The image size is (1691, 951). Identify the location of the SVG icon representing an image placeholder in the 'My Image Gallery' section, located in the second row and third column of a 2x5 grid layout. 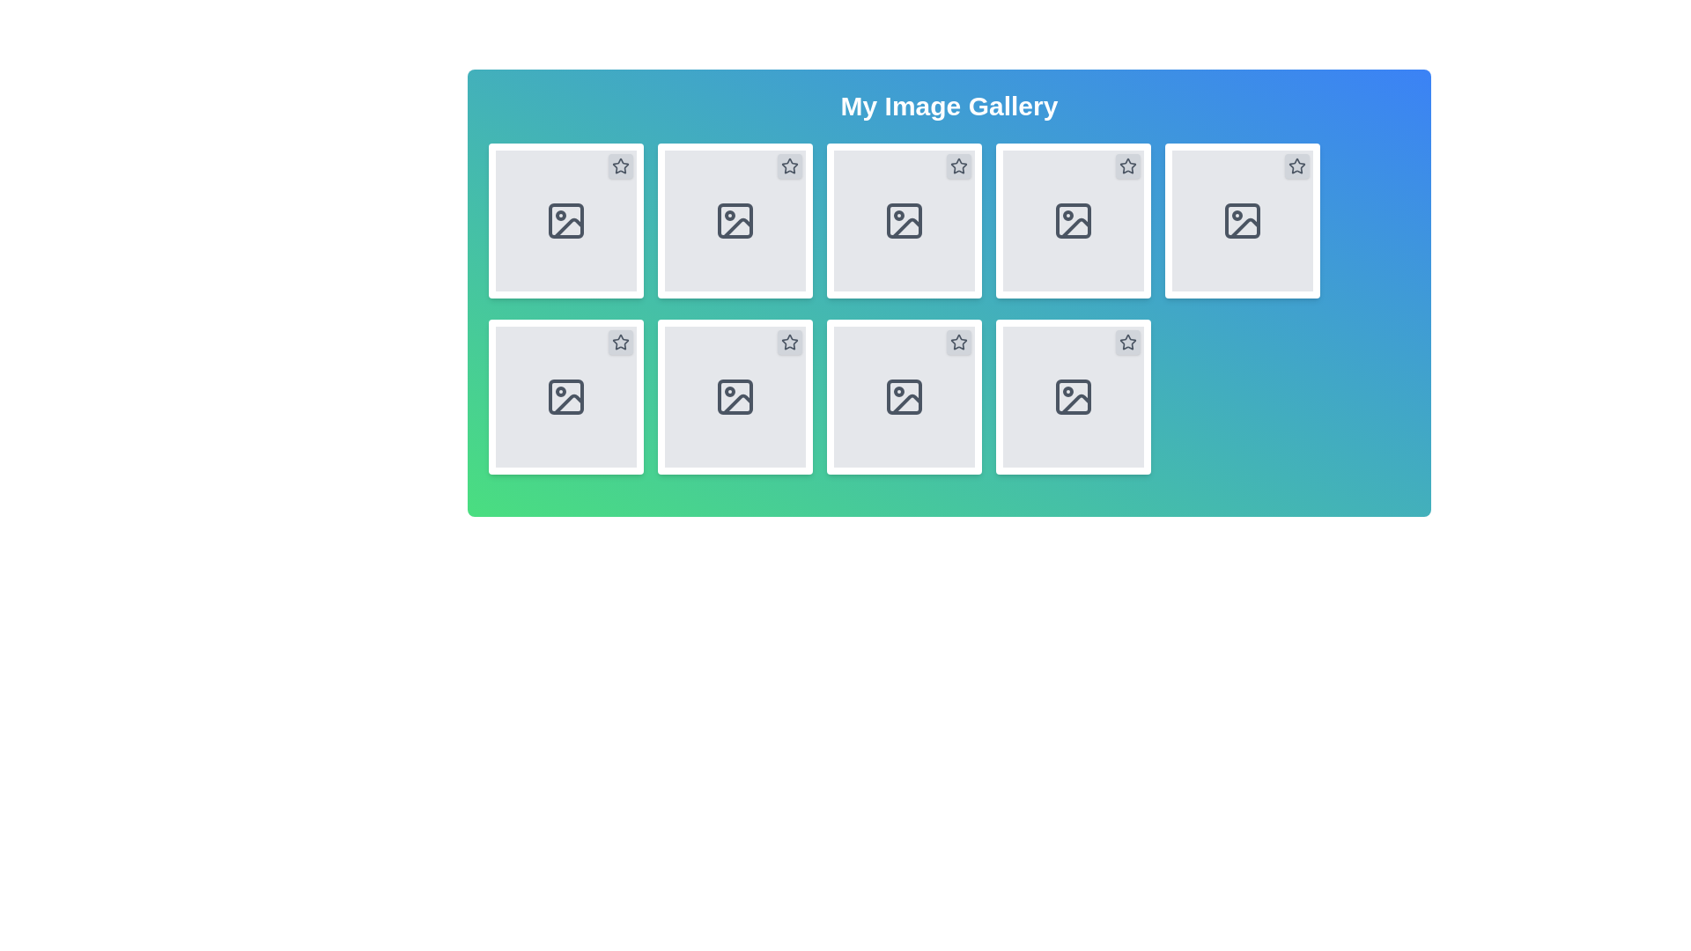
(905, 219).